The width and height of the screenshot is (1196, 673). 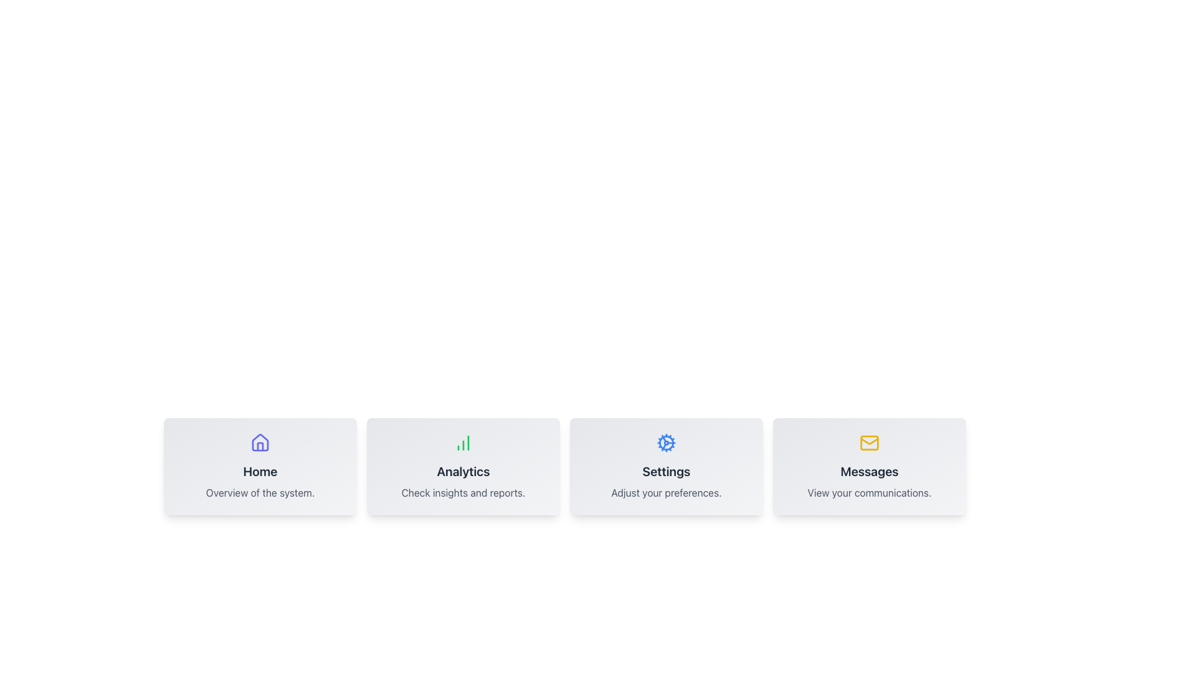 What do you see at coordinates (463, 471) in the screenshot?
I see `the text label indicating analytics, which is the second component from the left in a horizontal sequence of four sections, located below a green bar chart icon and above the 'Check insights and reports' text` at bounding box center [463, 471].